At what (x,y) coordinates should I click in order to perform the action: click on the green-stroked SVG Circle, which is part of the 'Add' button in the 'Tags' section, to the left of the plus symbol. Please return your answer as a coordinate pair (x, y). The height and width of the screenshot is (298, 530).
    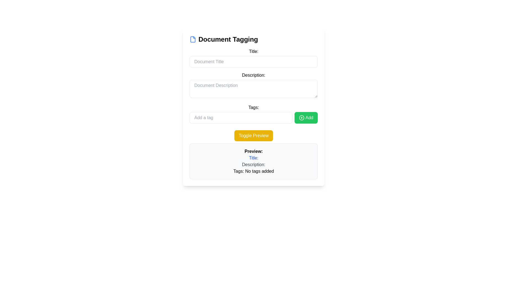
    Looking at the image, I should click on (301, 118).